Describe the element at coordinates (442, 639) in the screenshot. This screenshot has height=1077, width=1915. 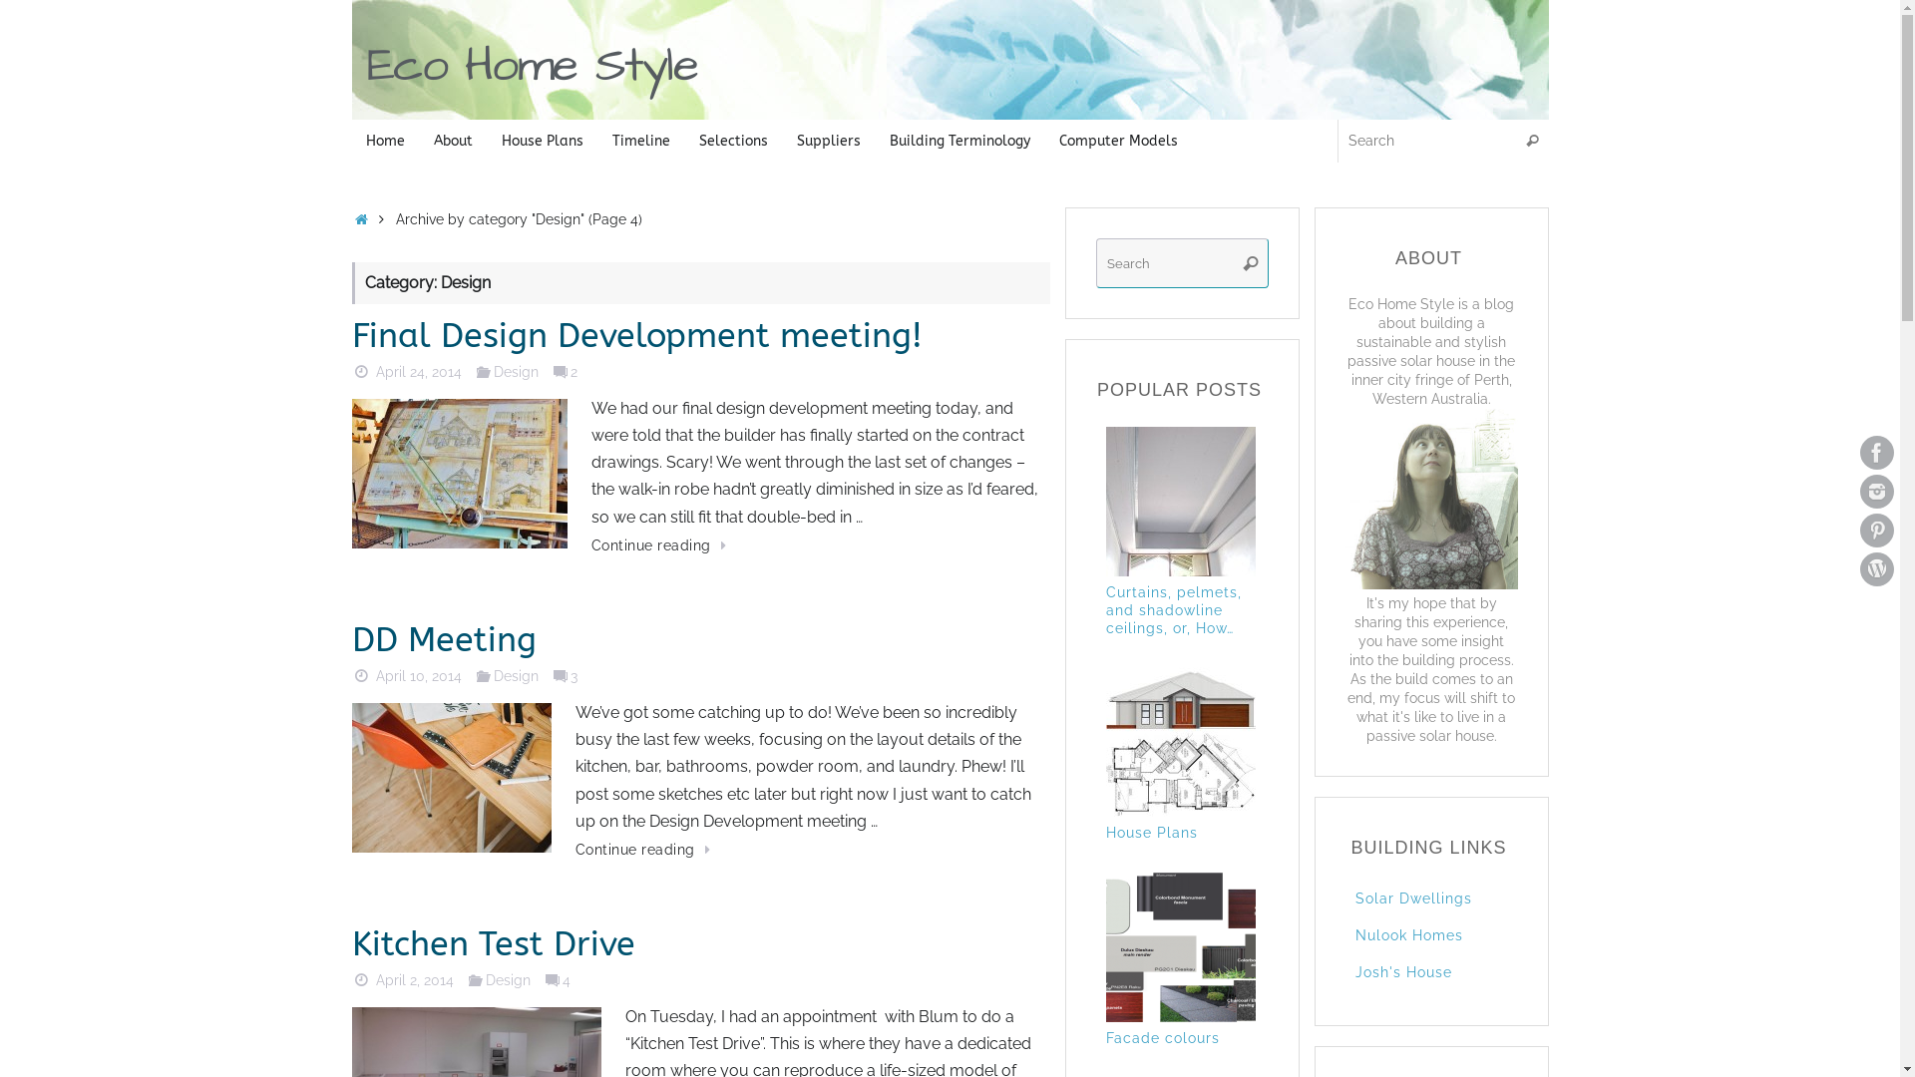
I see `'DD Meeting'` at that location.